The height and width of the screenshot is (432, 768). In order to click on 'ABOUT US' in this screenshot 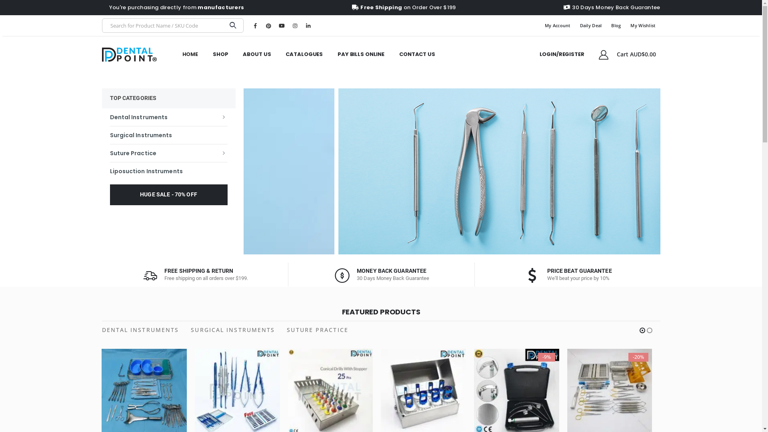, I will do `click(257, 54)`.